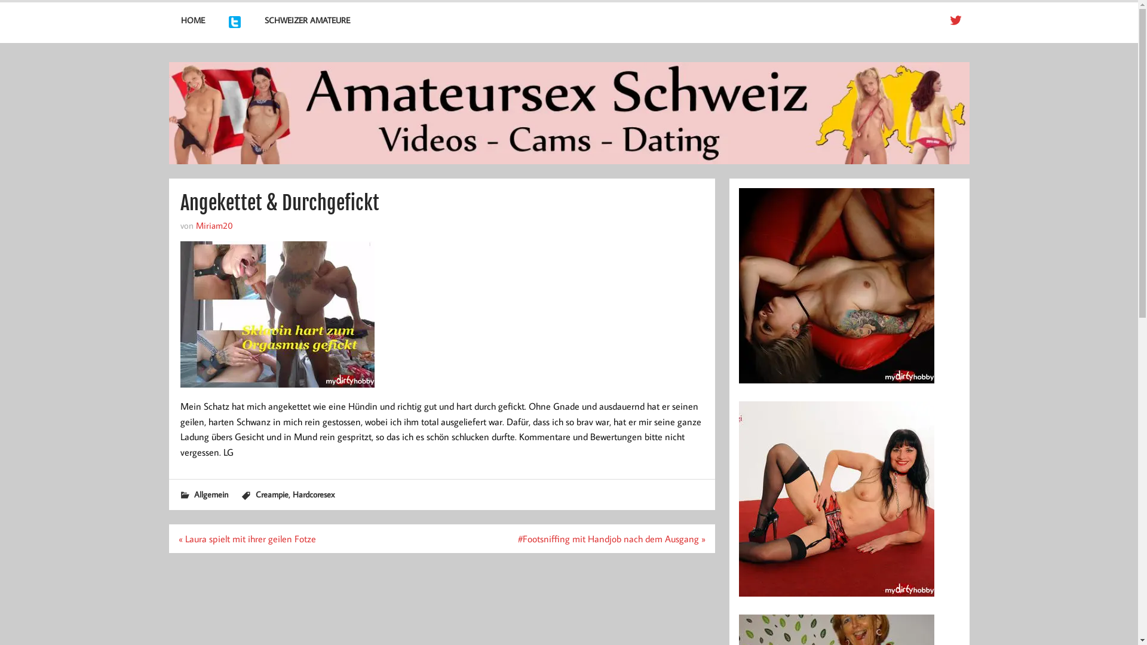 The width and height of the screenshot is (1147, 645). Describe the element at coordinates (168, 20) in the screenshot. I see `'HOME'` at that location.